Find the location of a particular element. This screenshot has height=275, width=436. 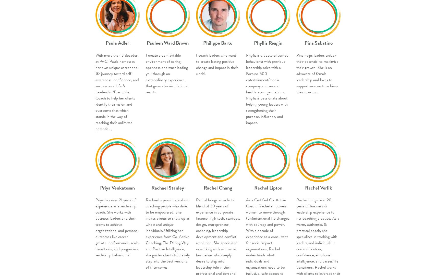

'Rachel Chang' is located at coordinates (218, 187).